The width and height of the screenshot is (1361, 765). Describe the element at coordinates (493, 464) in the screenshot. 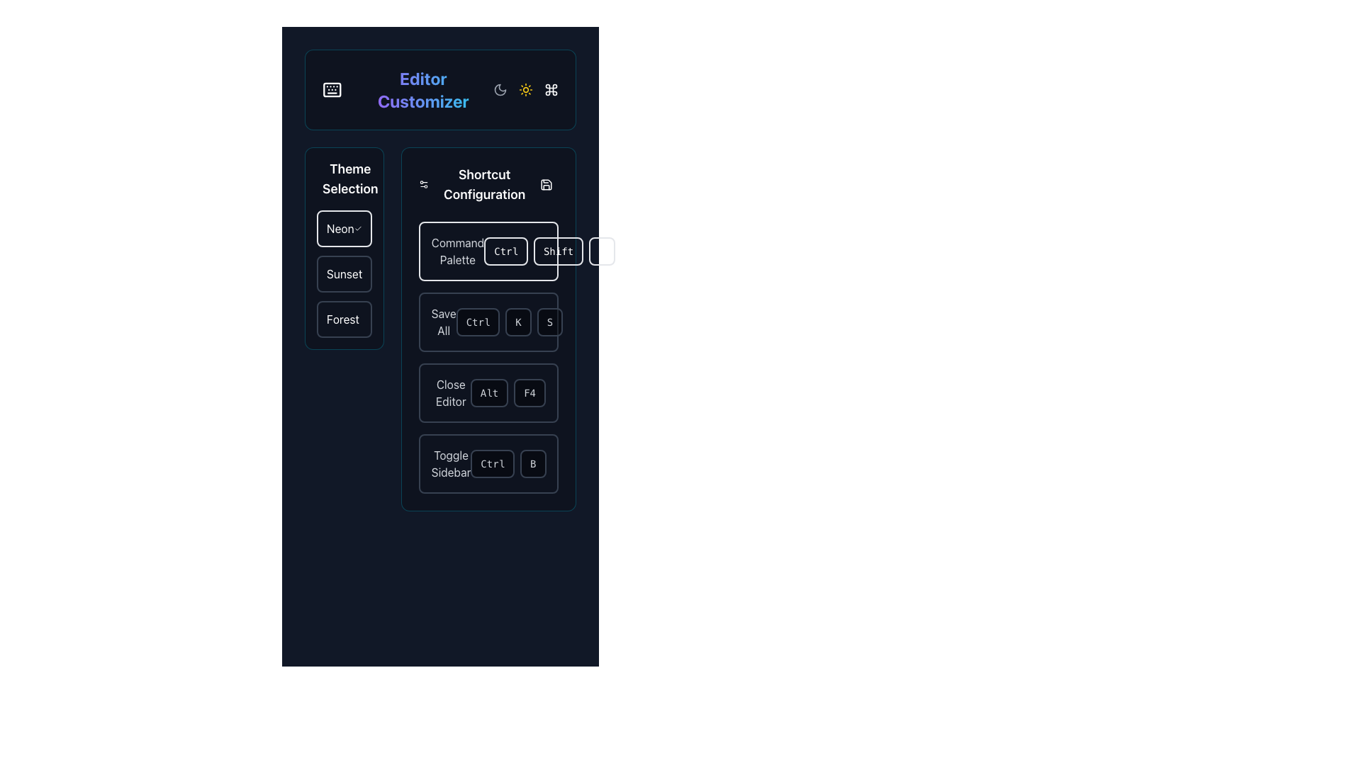

I see `the 'Ctrl' button-like indicator for the keyboard modifier key, which is styled with a dark background and light gray text, located in the 'Shortcut Configuration' section` at that location.